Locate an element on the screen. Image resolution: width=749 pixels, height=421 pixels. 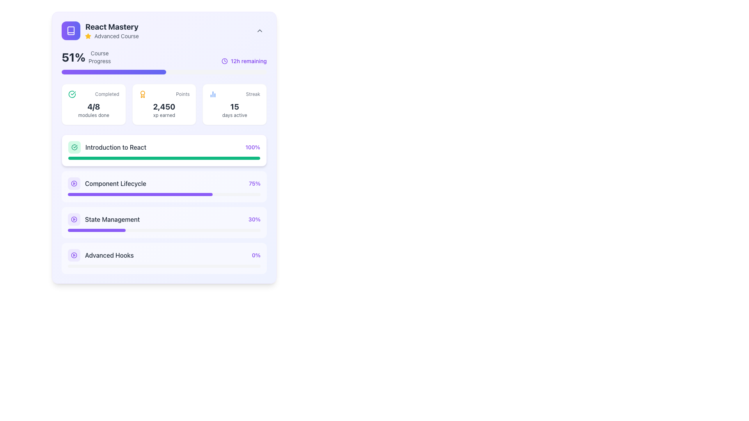
the text label "Introduction to React" which is styled in medium weight dark gray color and accompanied by a circular green checkmark icon, positioned as the first item in the vertical list of modules under the course titled "React Mastery" is located at coordinates (106, 147).